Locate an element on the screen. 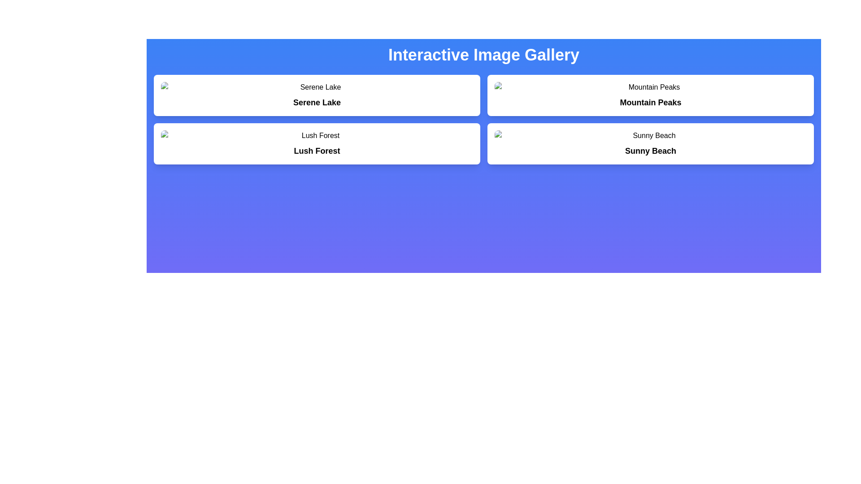 The height and width of the screenshot is (484, 861). the image element displaying 'Mountain Peaks' in the top-right quadrant of the interface is located at coordinates (650, 87).